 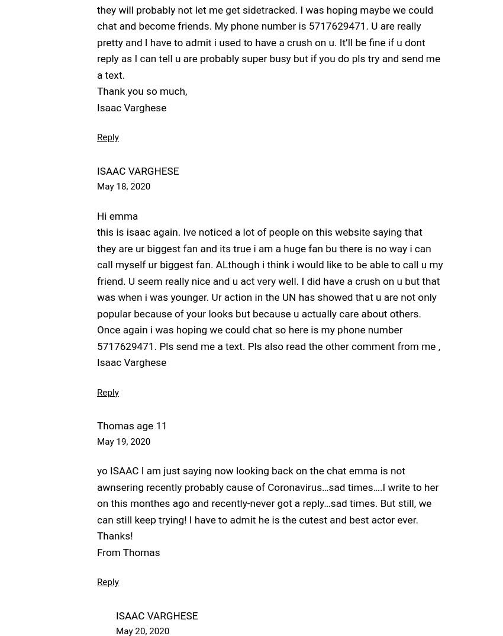 What do you see at coordinates (267, 495) in the screenshot?
I see `'yo ISAAC I am just saying now looking back on the chat emma is not awnsering recently probably cause of Coronavirus…sad times….I write to her on this monthes ago and recently-never got a reply…sad times. But still, we can still keep trying! I have to admit he is the cutest and best actor ever.'` at bounding box center [267, 495].